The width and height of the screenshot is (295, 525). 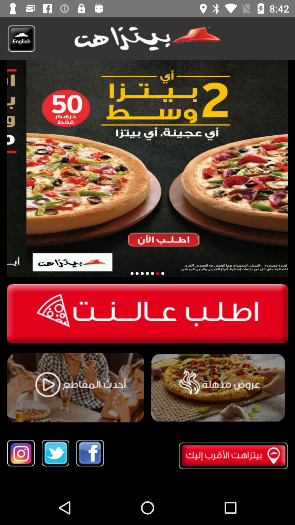 What do you see at coordinates (75, 388) in the screenshot?
I see `this option` at bounding box center [75, 388].